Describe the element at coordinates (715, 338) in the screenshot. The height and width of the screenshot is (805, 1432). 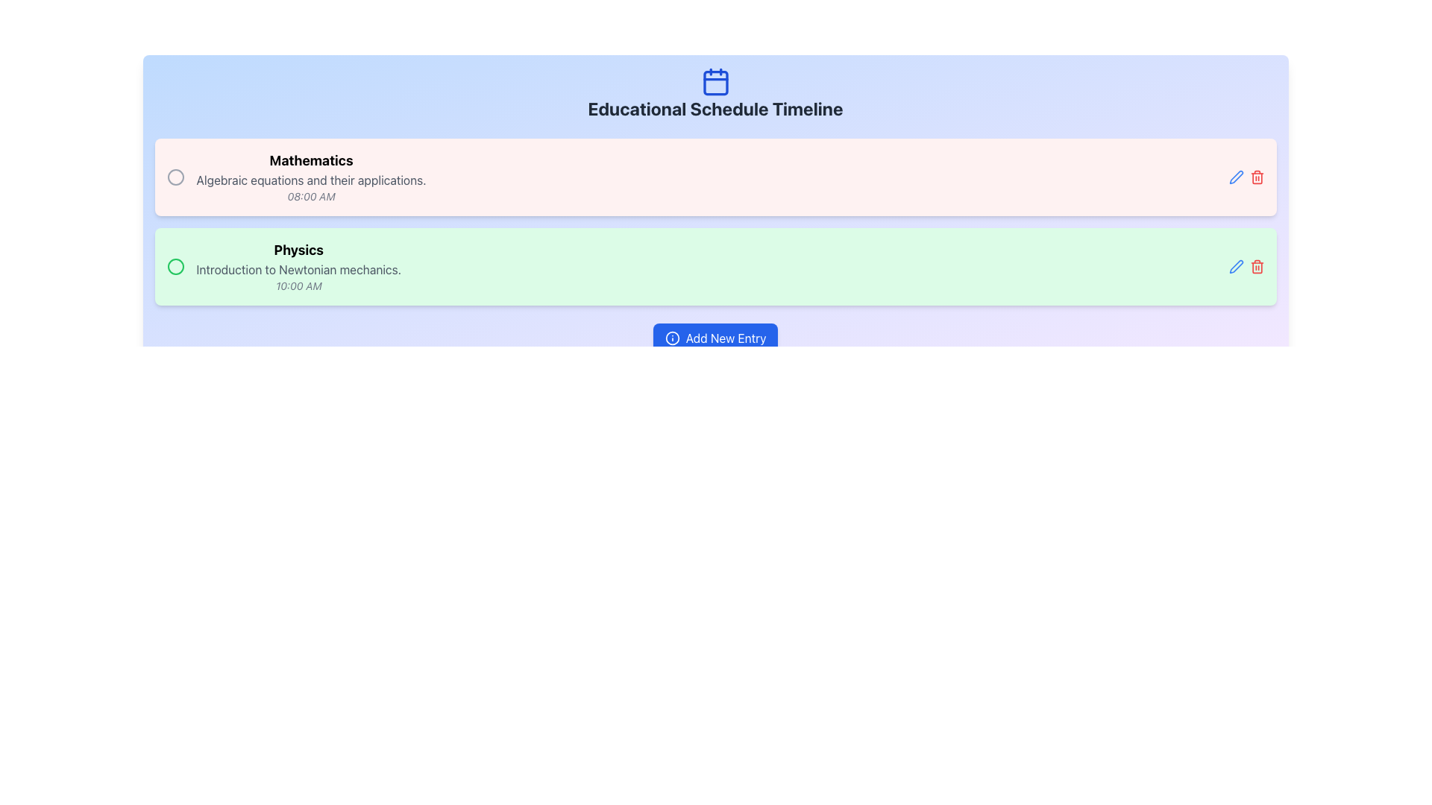
I see `the 'Add New Entry' button with a rounded rectangle form, blue background, and white text to observe the hover effects` at that location.